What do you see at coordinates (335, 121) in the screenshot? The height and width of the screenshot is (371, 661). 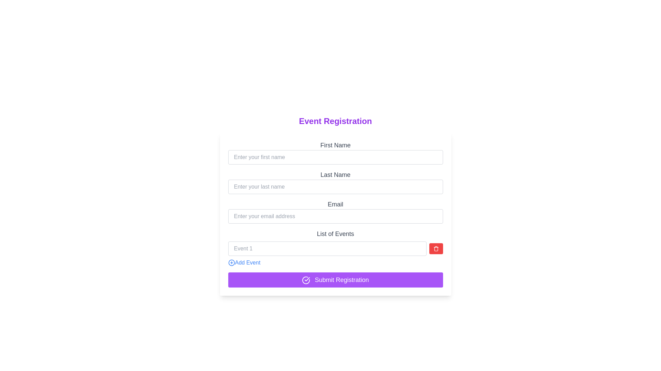 I see `text from the Title Header, which serves as the descriptive title for the registration form located at the top of the section` at bounding box center [335, 121].